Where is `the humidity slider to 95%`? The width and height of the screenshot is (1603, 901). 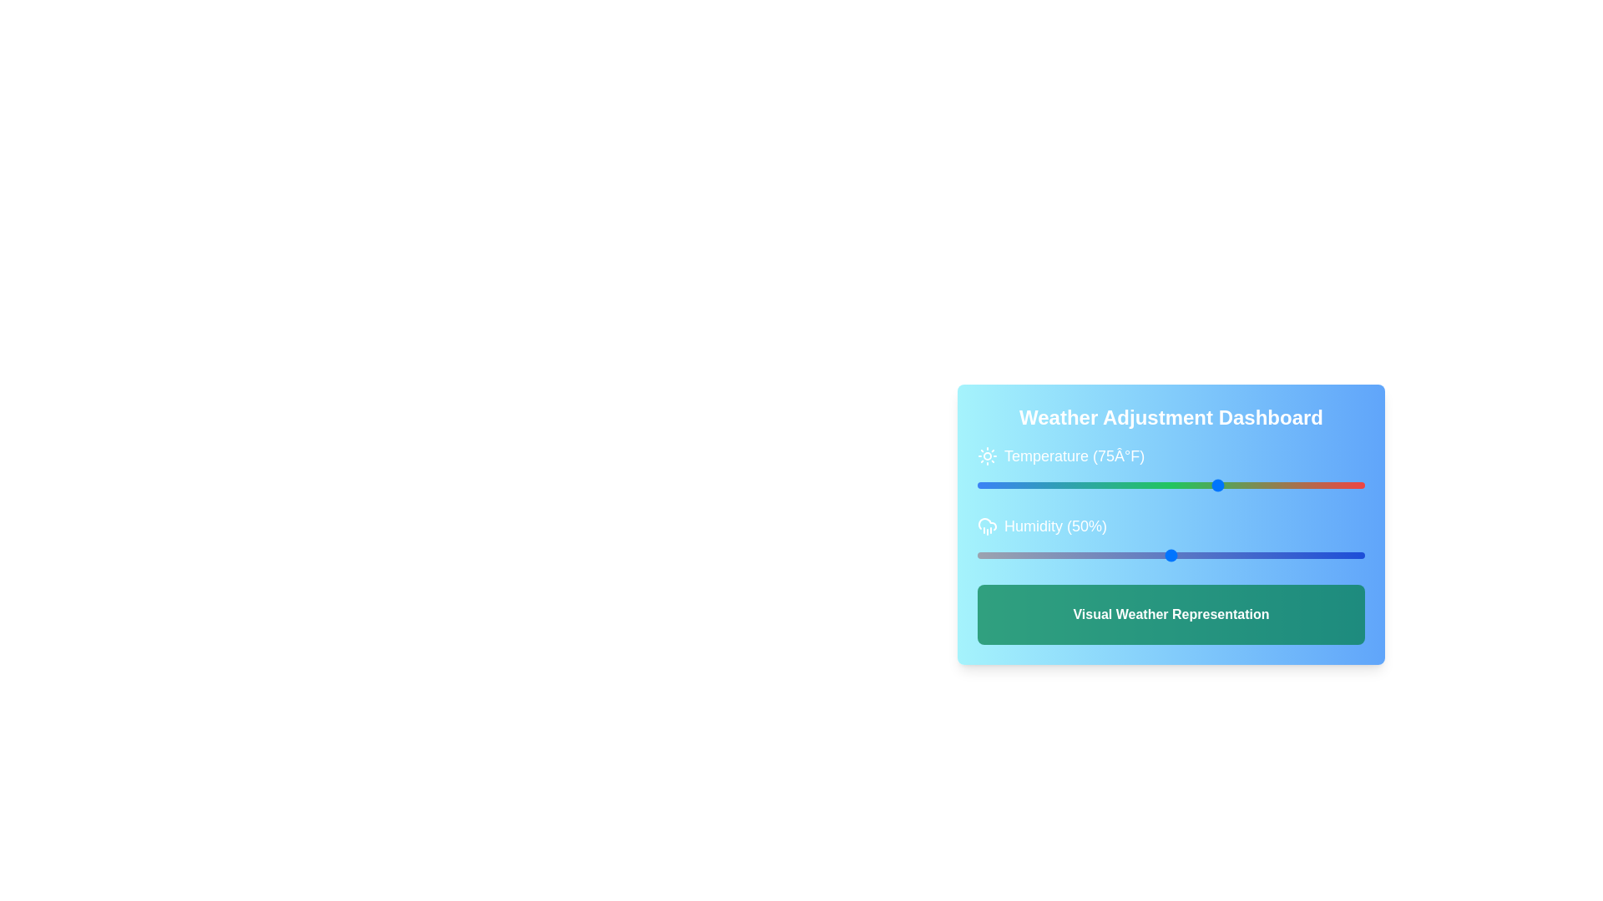 the humidity slider to 95% is located at coordinates (1345, 556).